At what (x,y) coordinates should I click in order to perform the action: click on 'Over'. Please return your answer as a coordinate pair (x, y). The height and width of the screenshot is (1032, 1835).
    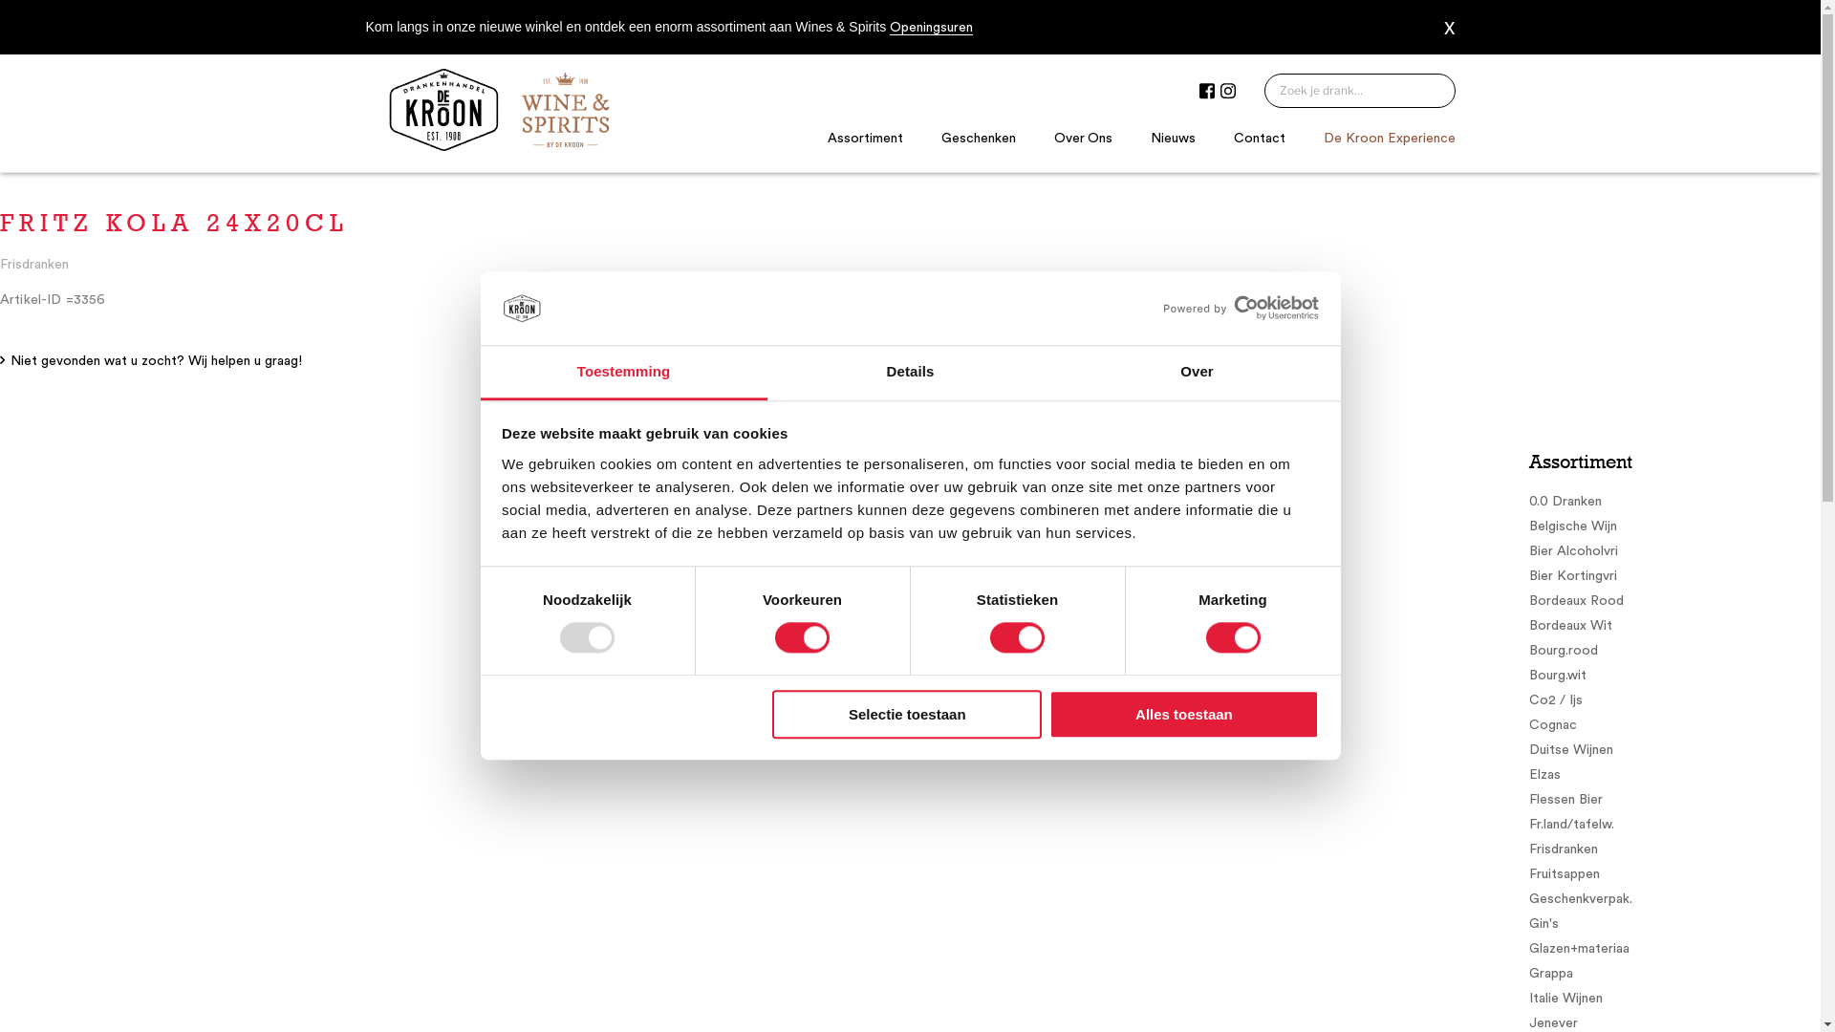
    Looking at the image, I should click on (1196, 373).